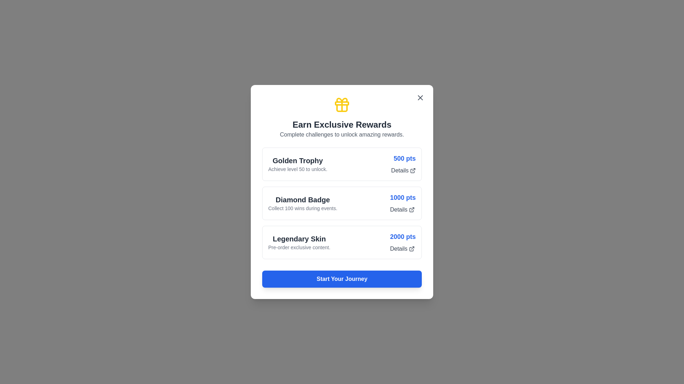  What do you see at coordinates (299, 239) in the screenshot?
I see `text from the header labeled 'Legendary Skin', which is positioned below the 'Diamond Badge' section and above the description text 'Pre-order exclusive content.'` at bounding box center [299, 239].